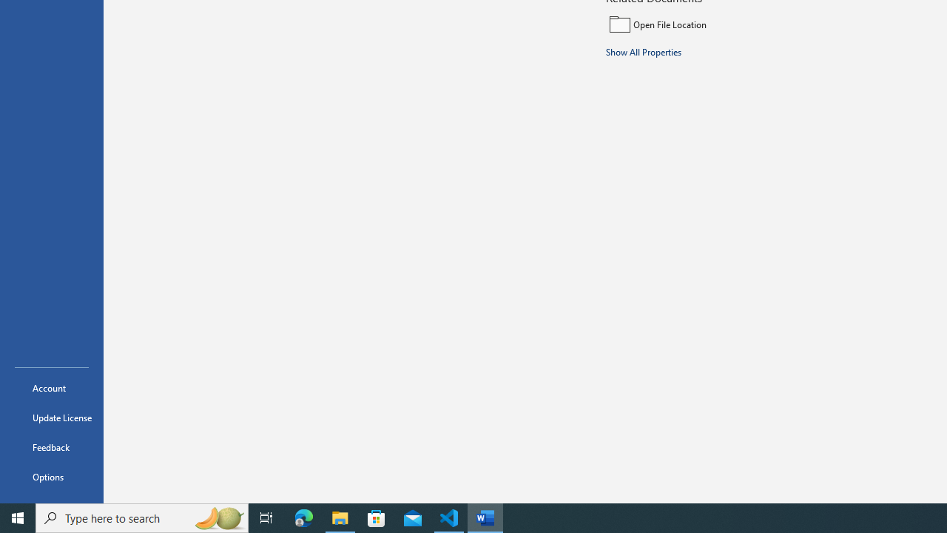  I want to click on 'Feedback', so click(51, 446).